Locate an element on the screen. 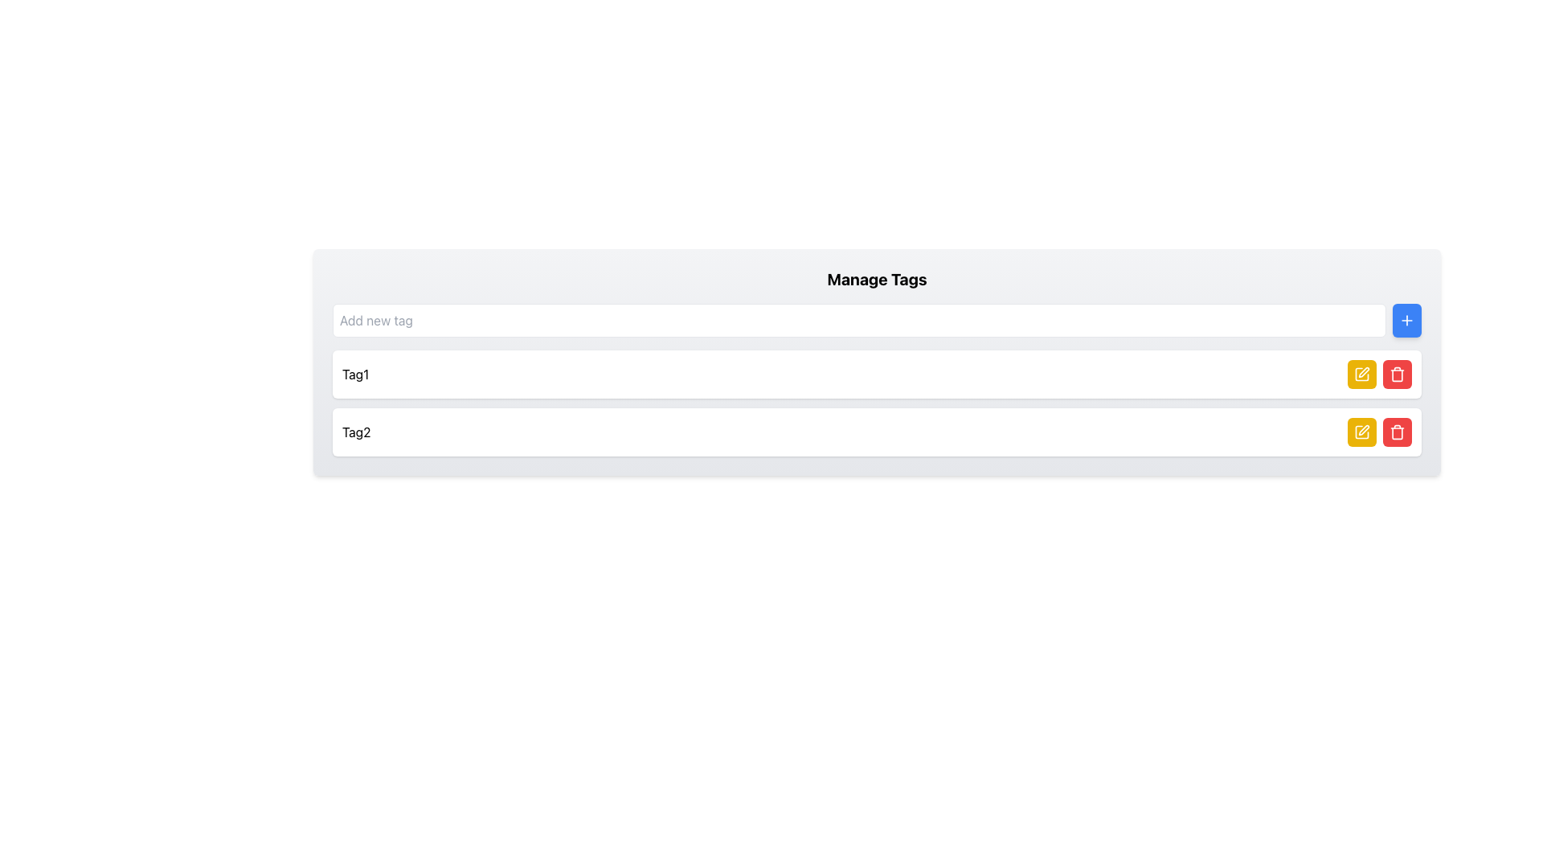 The height and width of the screenshot is (868, 1543). the circular icon button located to the right of the 'Add new tag' text input field to initiate the addition of a new tag is located at coordinates (1406, 320).